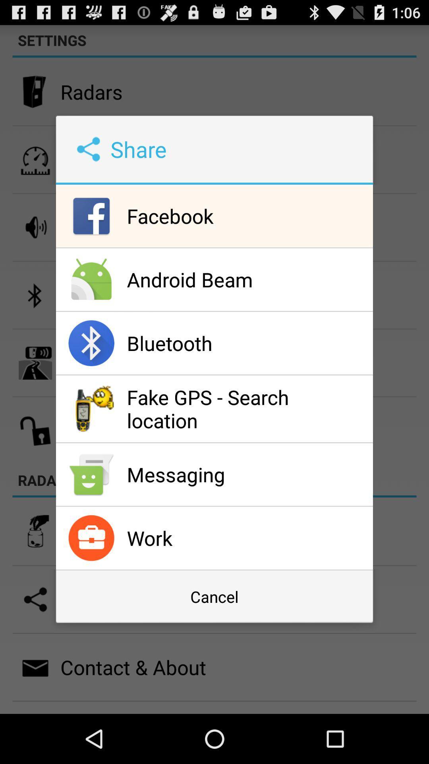 Image resolution: width=429 pixels, height=764 pixels. Describe the element at coordinates (247, 409) in the screenshot. I see `the fake gps search app` at that location.